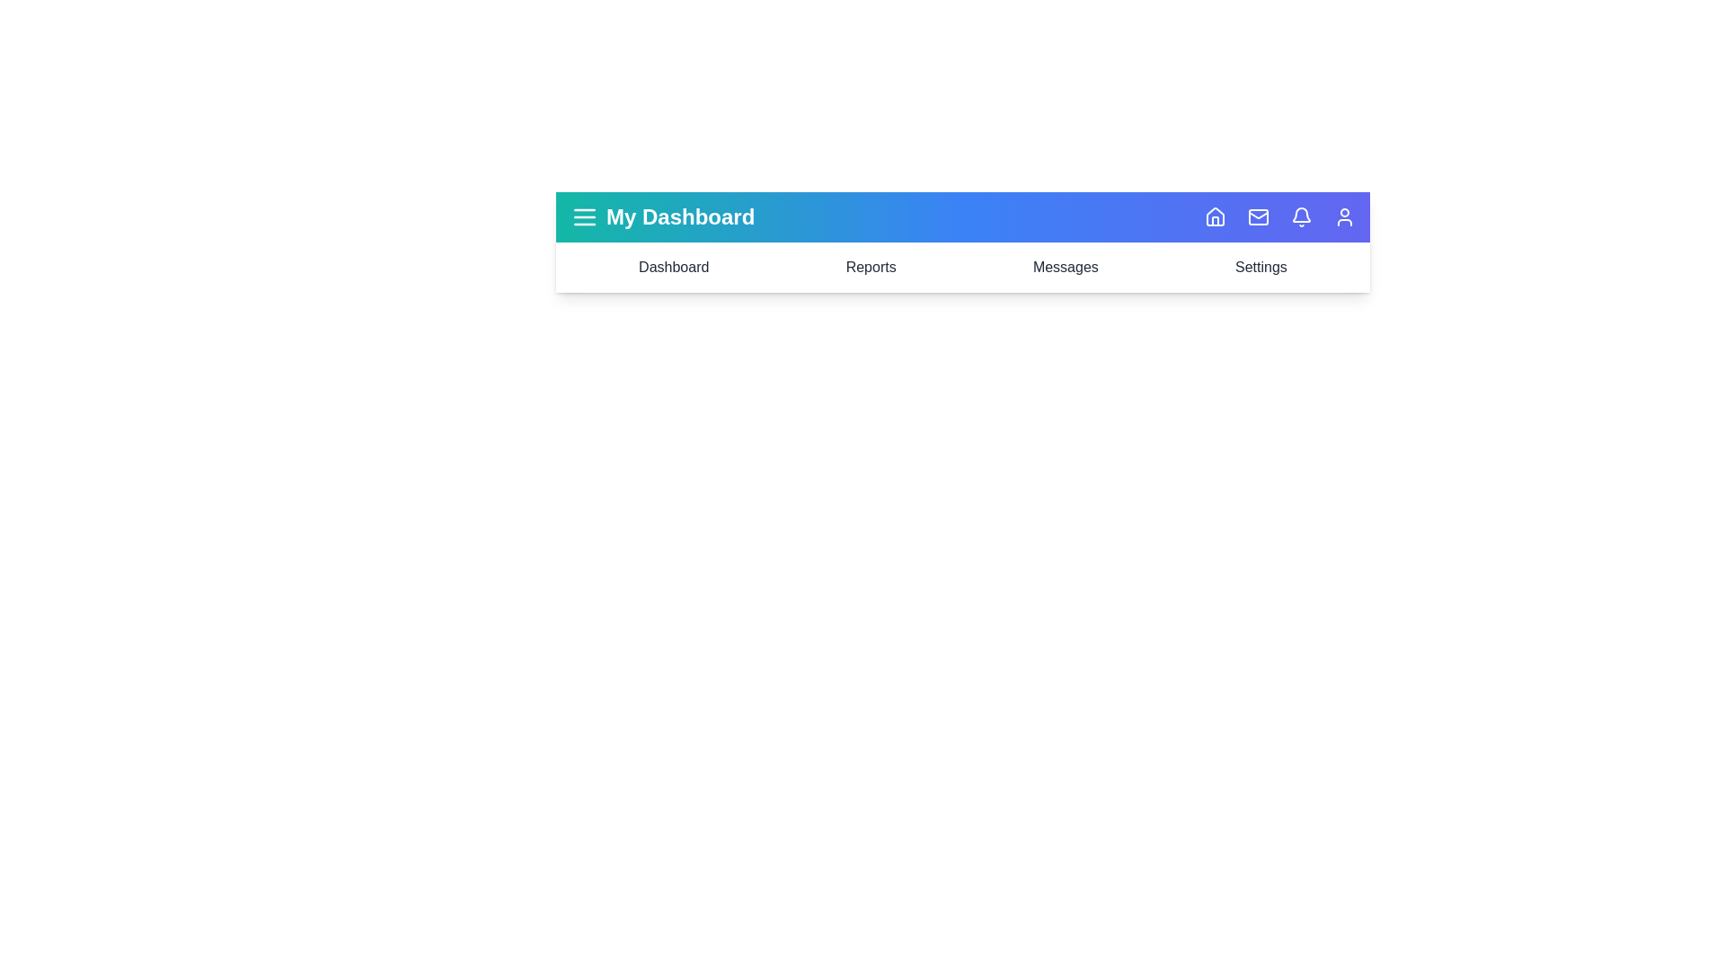 This screenshot has width=1725, height=970. What do you see at coordinates (672, 267) in the screenshot?
I see `the navigation item Dashboard to highlight it` at bounding box center [672, 267].